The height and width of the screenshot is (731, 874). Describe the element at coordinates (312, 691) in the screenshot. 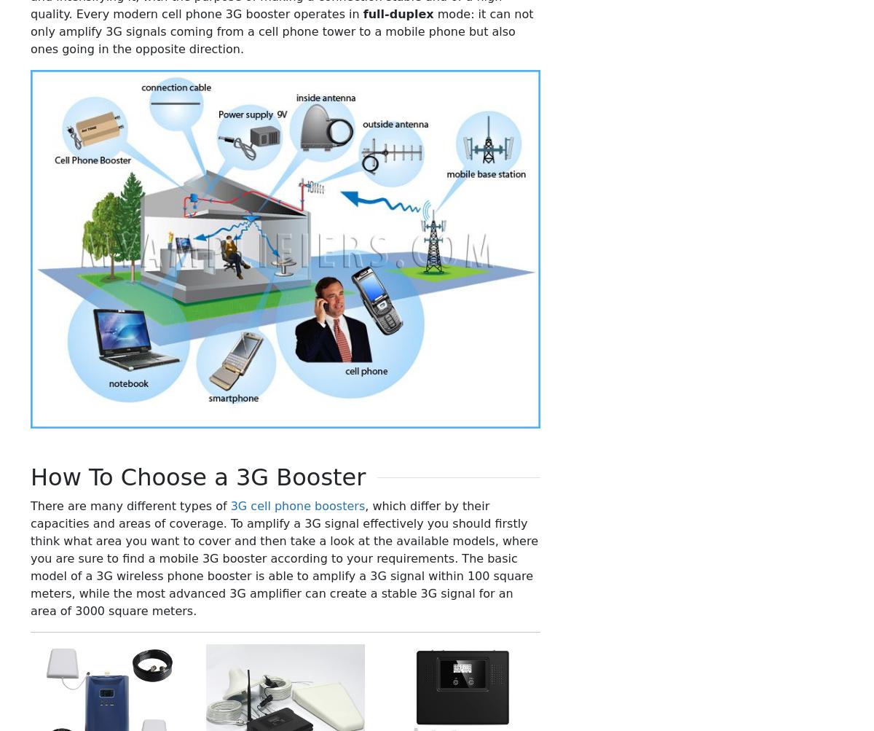

I see `'No packages will be accepted!'` at that location.